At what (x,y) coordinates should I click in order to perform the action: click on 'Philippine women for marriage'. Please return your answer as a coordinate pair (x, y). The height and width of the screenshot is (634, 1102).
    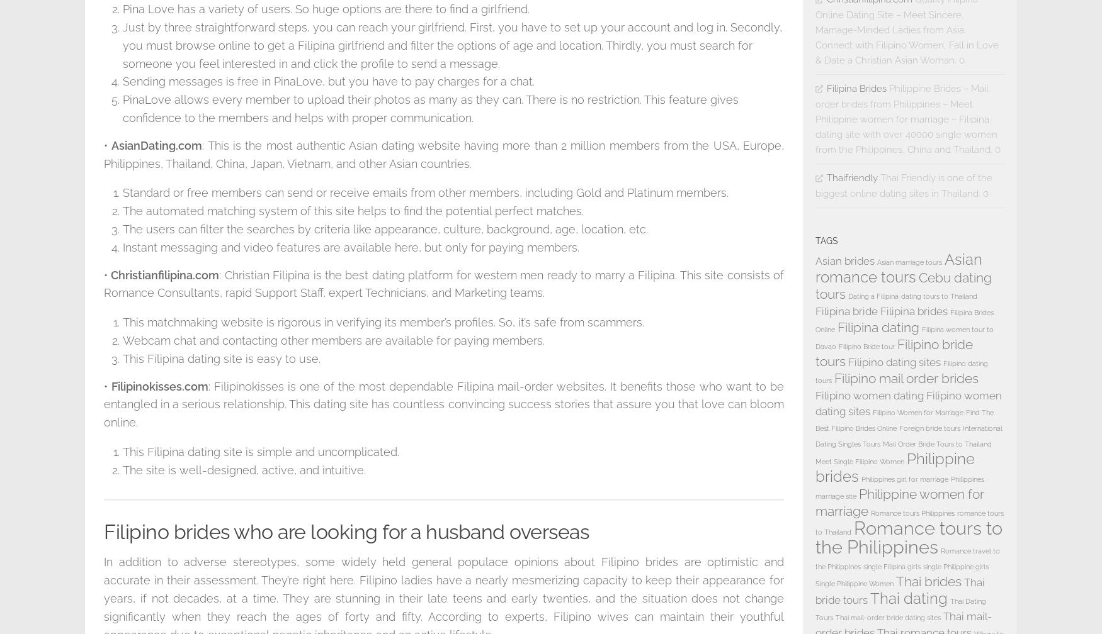
    Looking at the image, I should click on (899, 502).